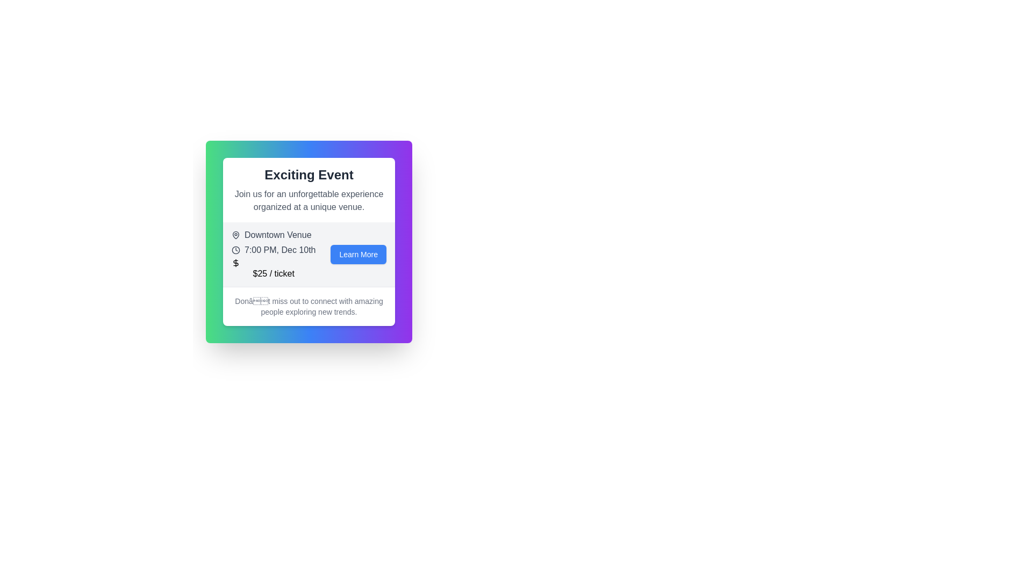  Describe the element at coordinates (235, 234) in the screenshot. I see `the pin graphic of the map pin icon that indicates the location related to 'Downtown Venue'` at that location.